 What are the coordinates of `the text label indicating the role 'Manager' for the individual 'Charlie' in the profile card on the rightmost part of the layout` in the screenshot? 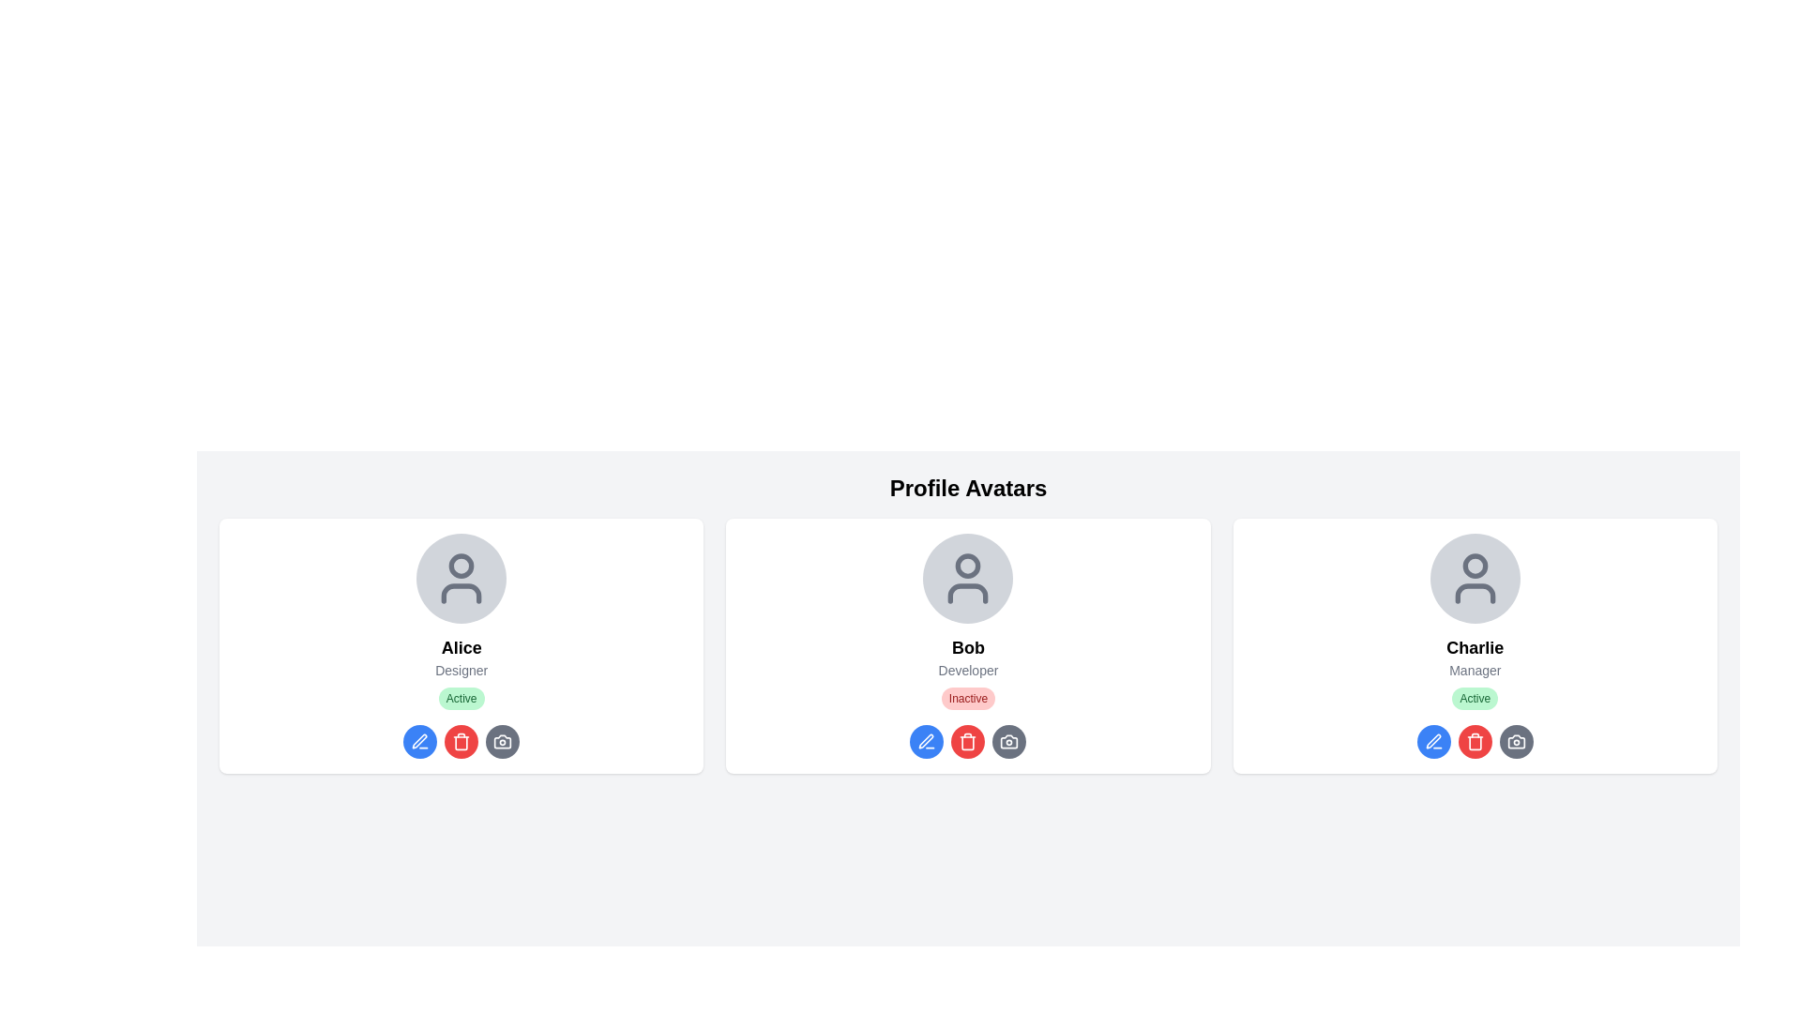 It's located at (1474, 669).